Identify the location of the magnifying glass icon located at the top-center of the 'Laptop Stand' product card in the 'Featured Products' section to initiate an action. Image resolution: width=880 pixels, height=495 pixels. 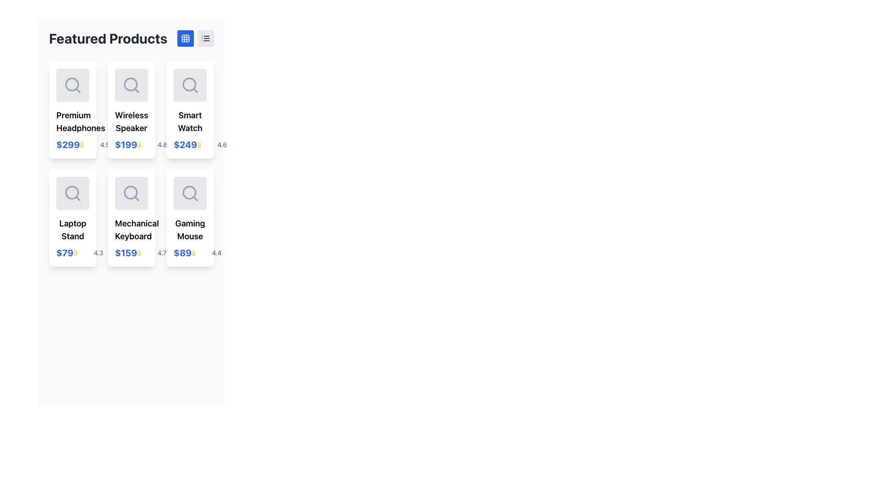
(72, 192).